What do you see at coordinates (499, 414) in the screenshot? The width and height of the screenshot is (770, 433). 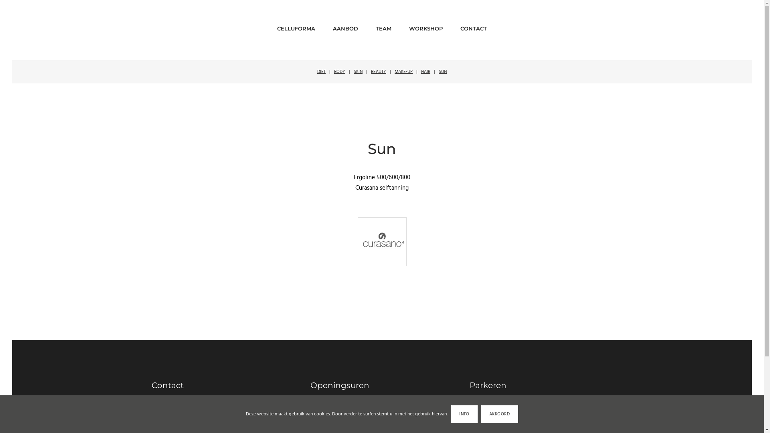 I see `'AKKOORD'` at bounding box center [499, 414].